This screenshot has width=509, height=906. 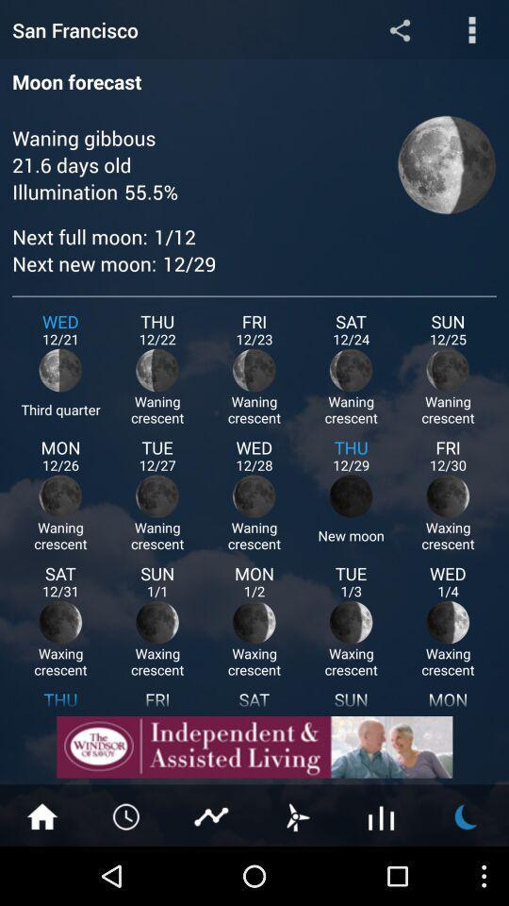 What do you see at coordinates (41, 873) in the screenshot?
I see `the home icon` at bounding box center [41, 873].